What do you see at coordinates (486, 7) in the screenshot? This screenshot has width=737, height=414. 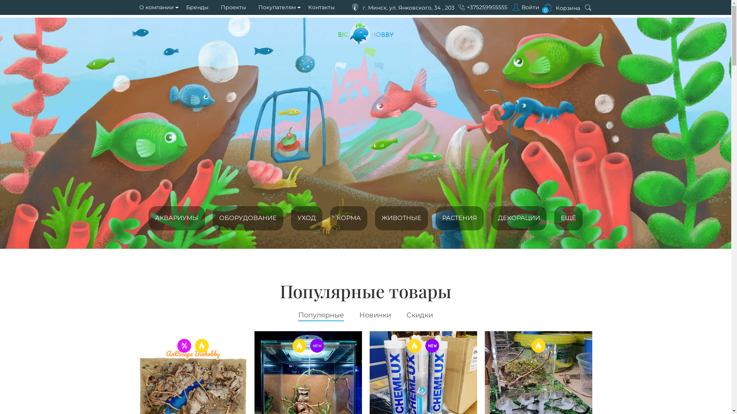 I see `'+375259955555'` at bounding box center [486, 7].